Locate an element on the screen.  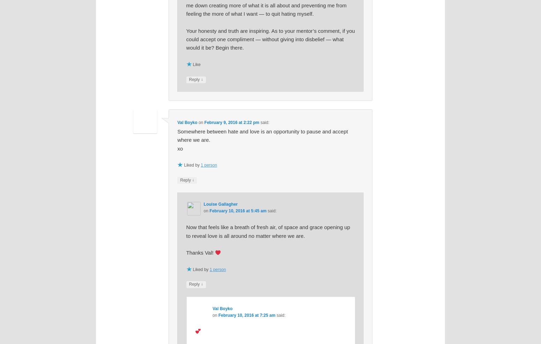
'Thanks Val!' is located at coordinates (186, 252).